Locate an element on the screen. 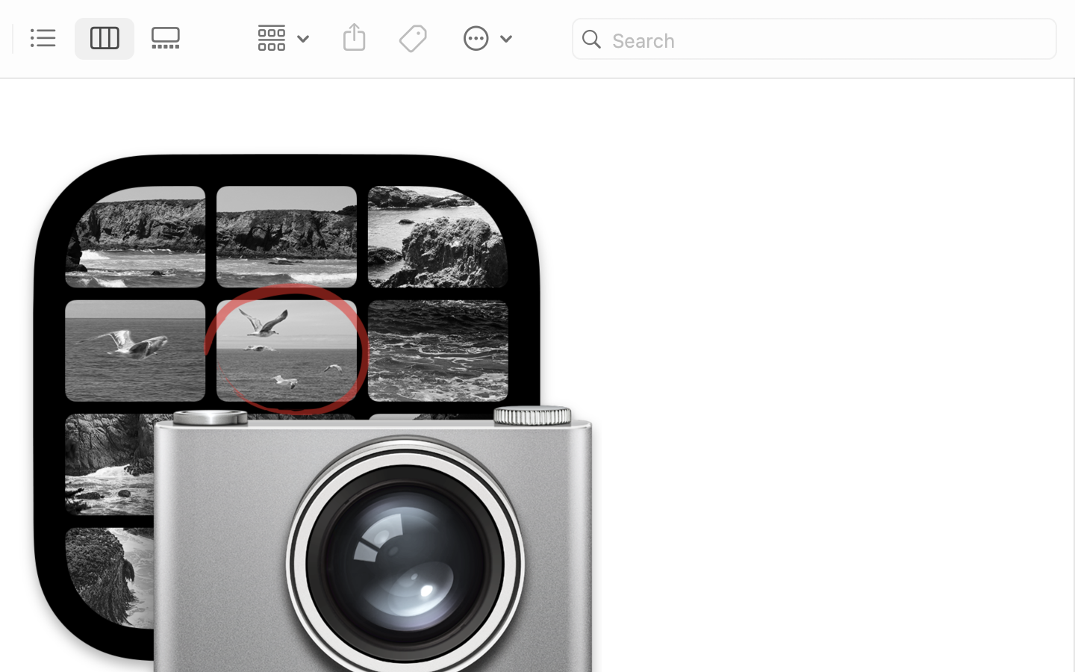  '1' is located at coordinates (104, 38).